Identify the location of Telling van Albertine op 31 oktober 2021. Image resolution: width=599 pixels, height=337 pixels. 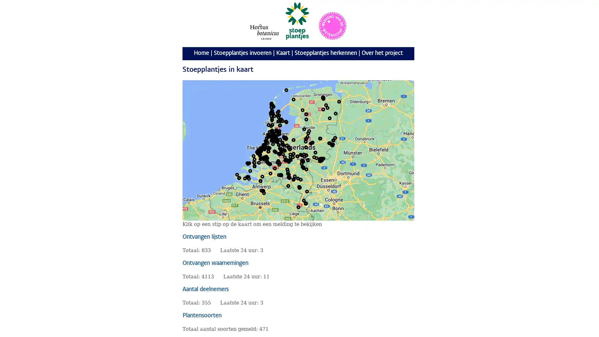
(287, 160).